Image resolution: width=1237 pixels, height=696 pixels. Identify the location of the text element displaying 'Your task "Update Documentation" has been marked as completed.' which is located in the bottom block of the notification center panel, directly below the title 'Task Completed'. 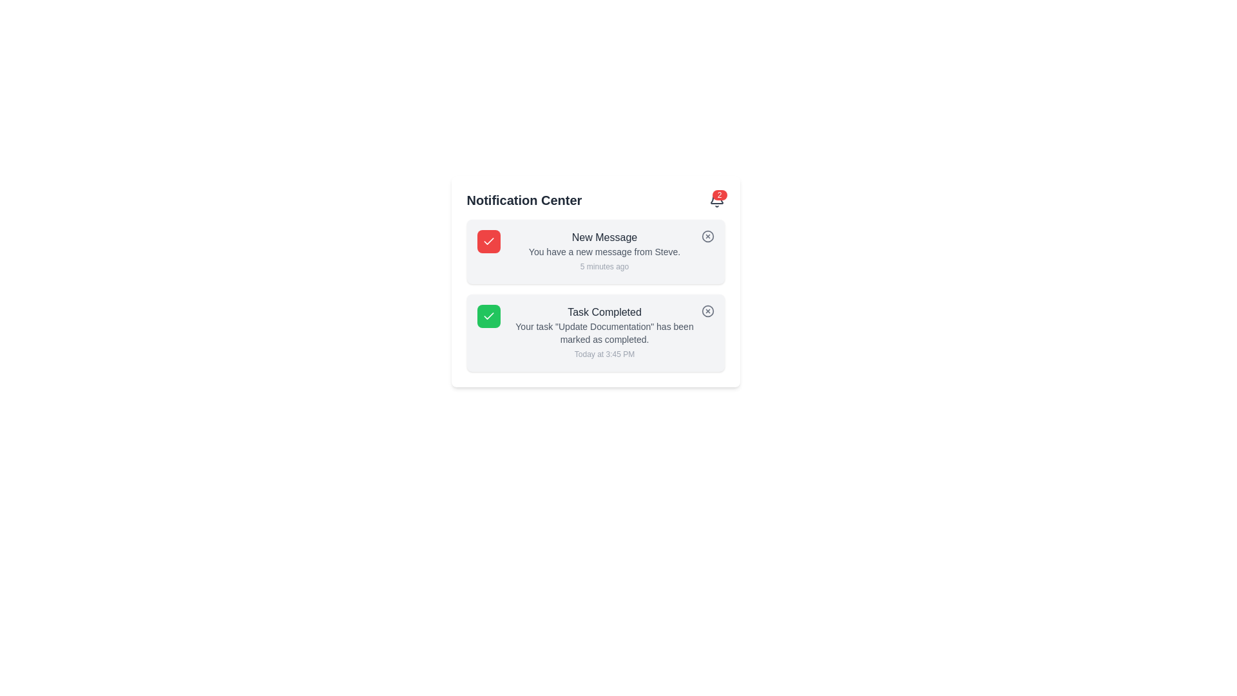
(604, 332).